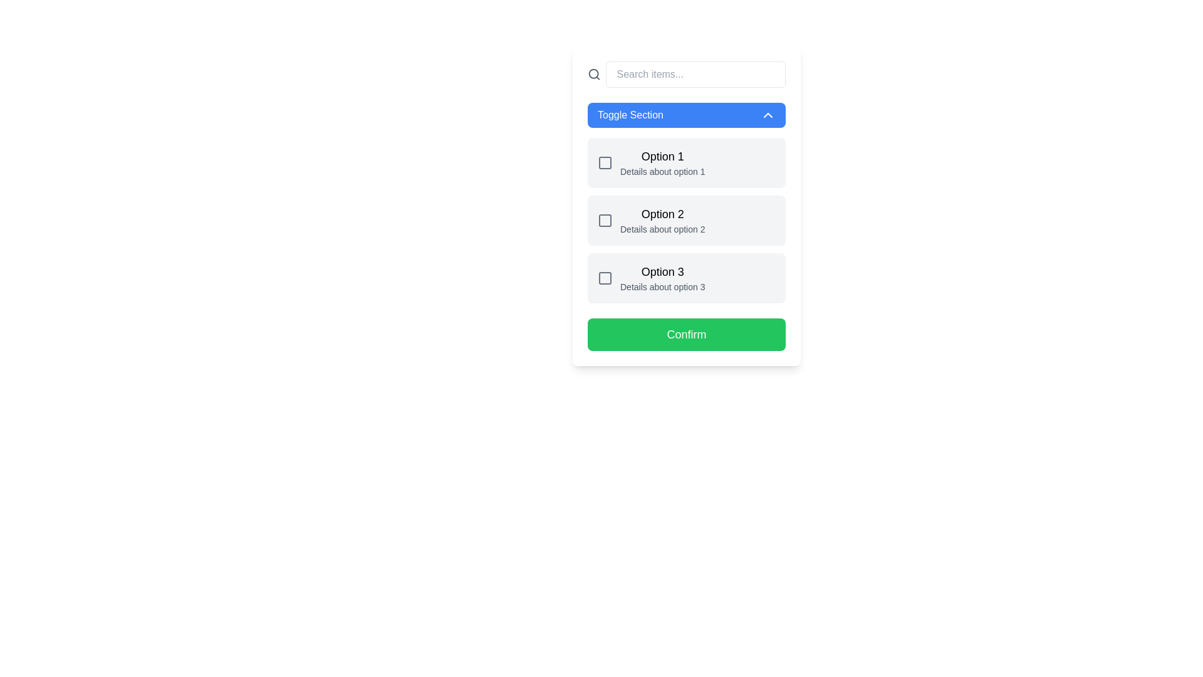 This screenshot has width=1203, height=677. What do you see at coordinates (651, 277) in the screenshot?
I see `the checkbox labeled 'Option 3' which includes a descriptive text 'Details about option 3'` at bounding box center [651, 277].